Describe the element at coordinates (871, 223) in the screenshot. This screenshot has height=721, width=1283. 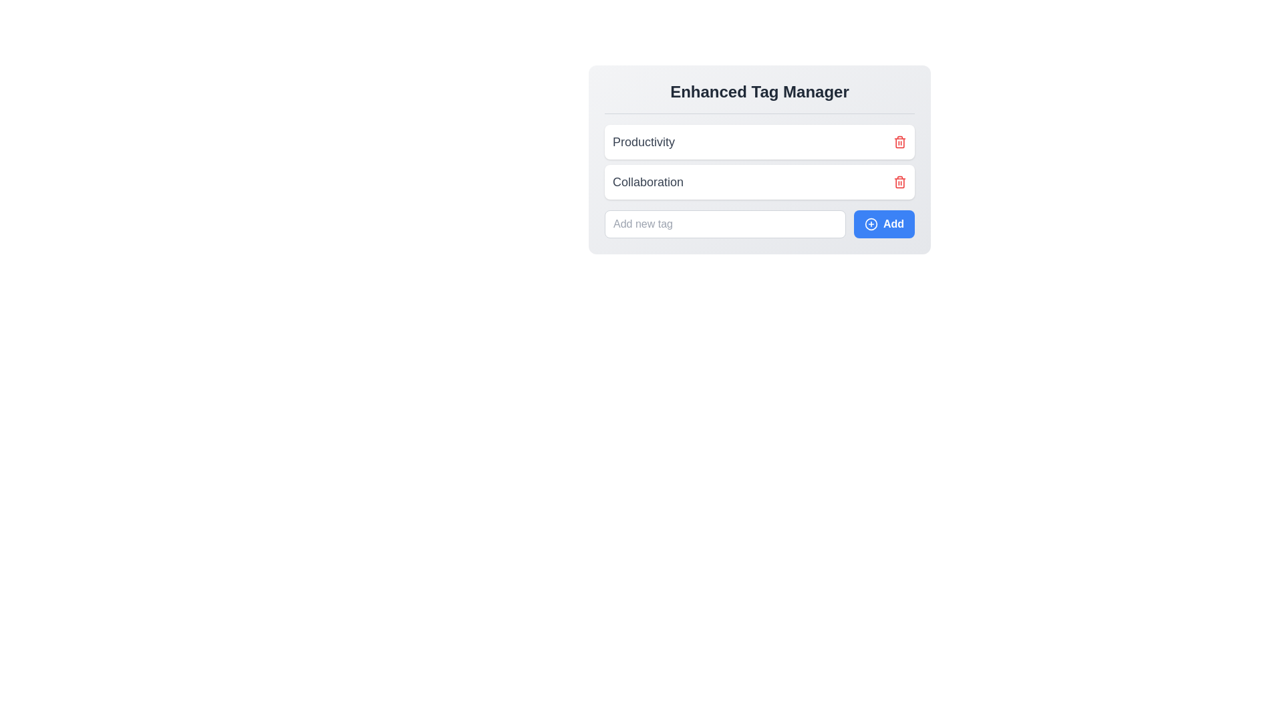
I see `the decorative SVG circle element that indicates an action related to adding or creating something, located between the 'Add new tag' input field and the 'Add' button` at that location.